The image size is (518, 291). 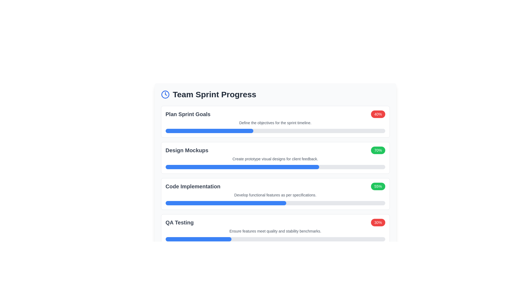 What do you see at coordinates (179, 222) in the screenshot?
I see `text from the text label positioned at the bottom-most section of the vertical list, just above the '30%' progress indication` at bounding box center [179, 222].